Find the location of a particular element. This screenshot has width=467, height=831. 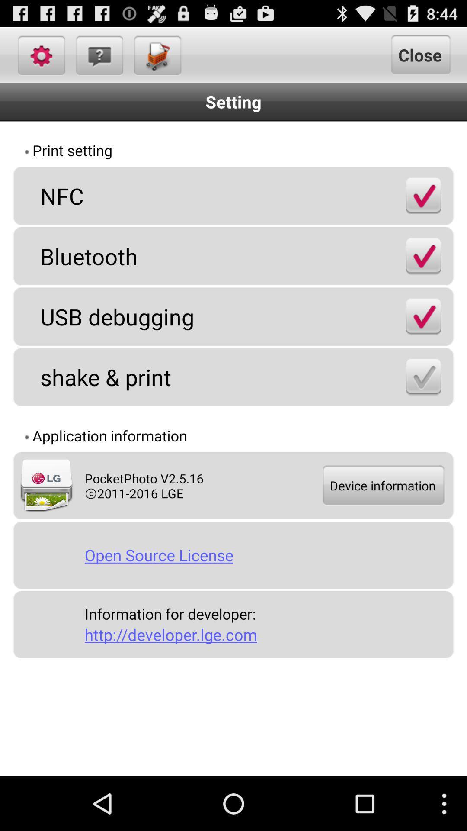

item below information for developer: icon is located at coordinates (265, 635).